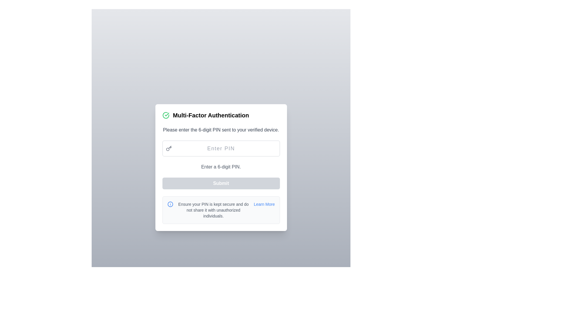 This screenshot has width=564, height=317. Describe the element at coordinates (221, 167) in the screenshot. I see `instruction displayed in the text label saying 'Enter a 6-digit PIN.' which is center-aligned and gray in color, located just below the PIN input field and above the 'Submit' button` at that location.